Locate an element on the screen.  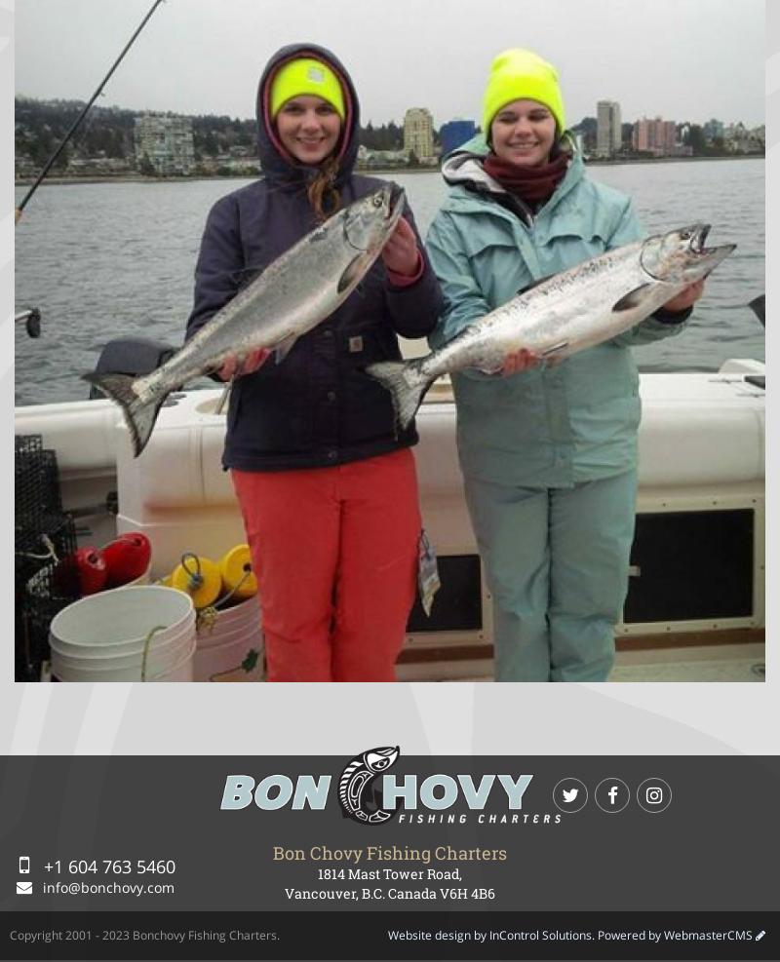
'Vancouver, B.C. Canada  V6H 4B6' is located at coordinates (285, 891).